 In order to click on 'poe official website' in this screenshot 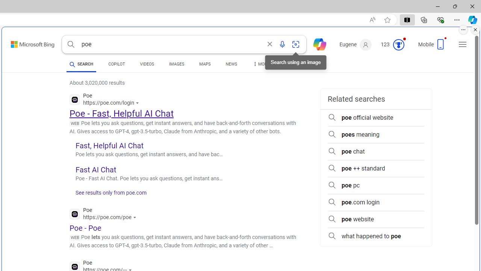, I will do `click(376, 117)`.